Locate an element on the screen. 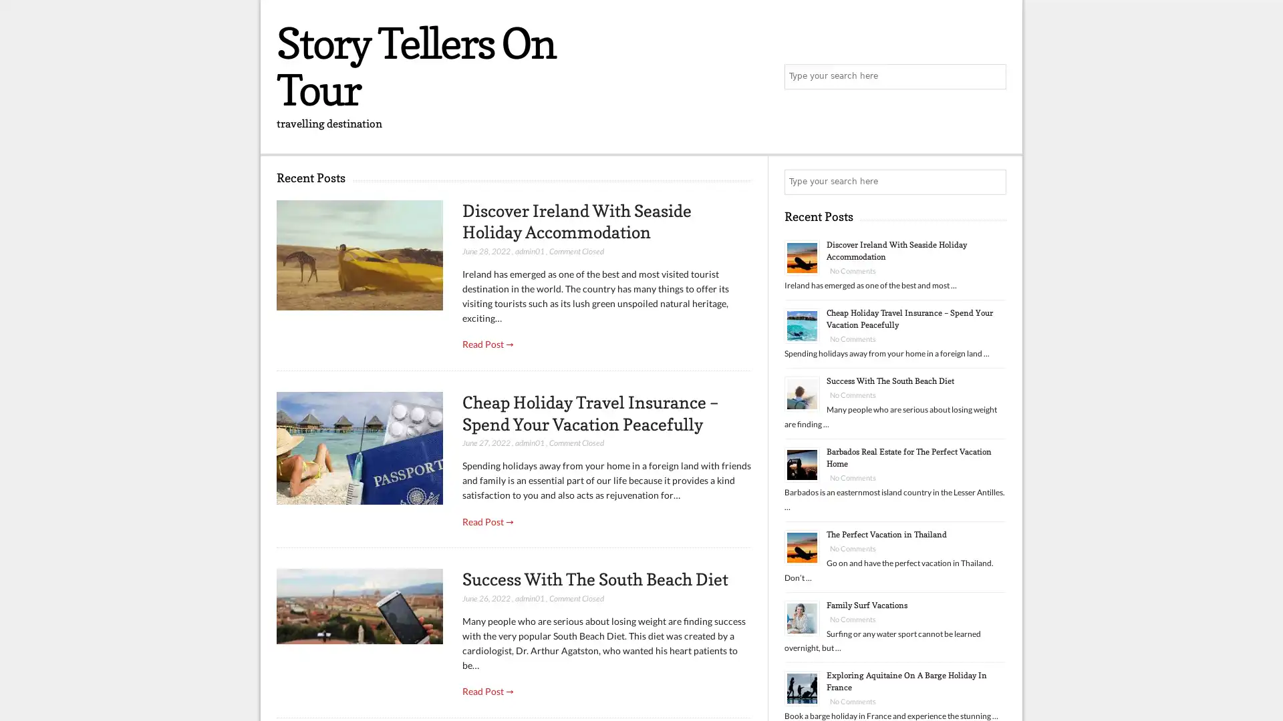 Image resolution: width=1283 pixels, height=721 pixels. Search is located at coordinates (992, 77).